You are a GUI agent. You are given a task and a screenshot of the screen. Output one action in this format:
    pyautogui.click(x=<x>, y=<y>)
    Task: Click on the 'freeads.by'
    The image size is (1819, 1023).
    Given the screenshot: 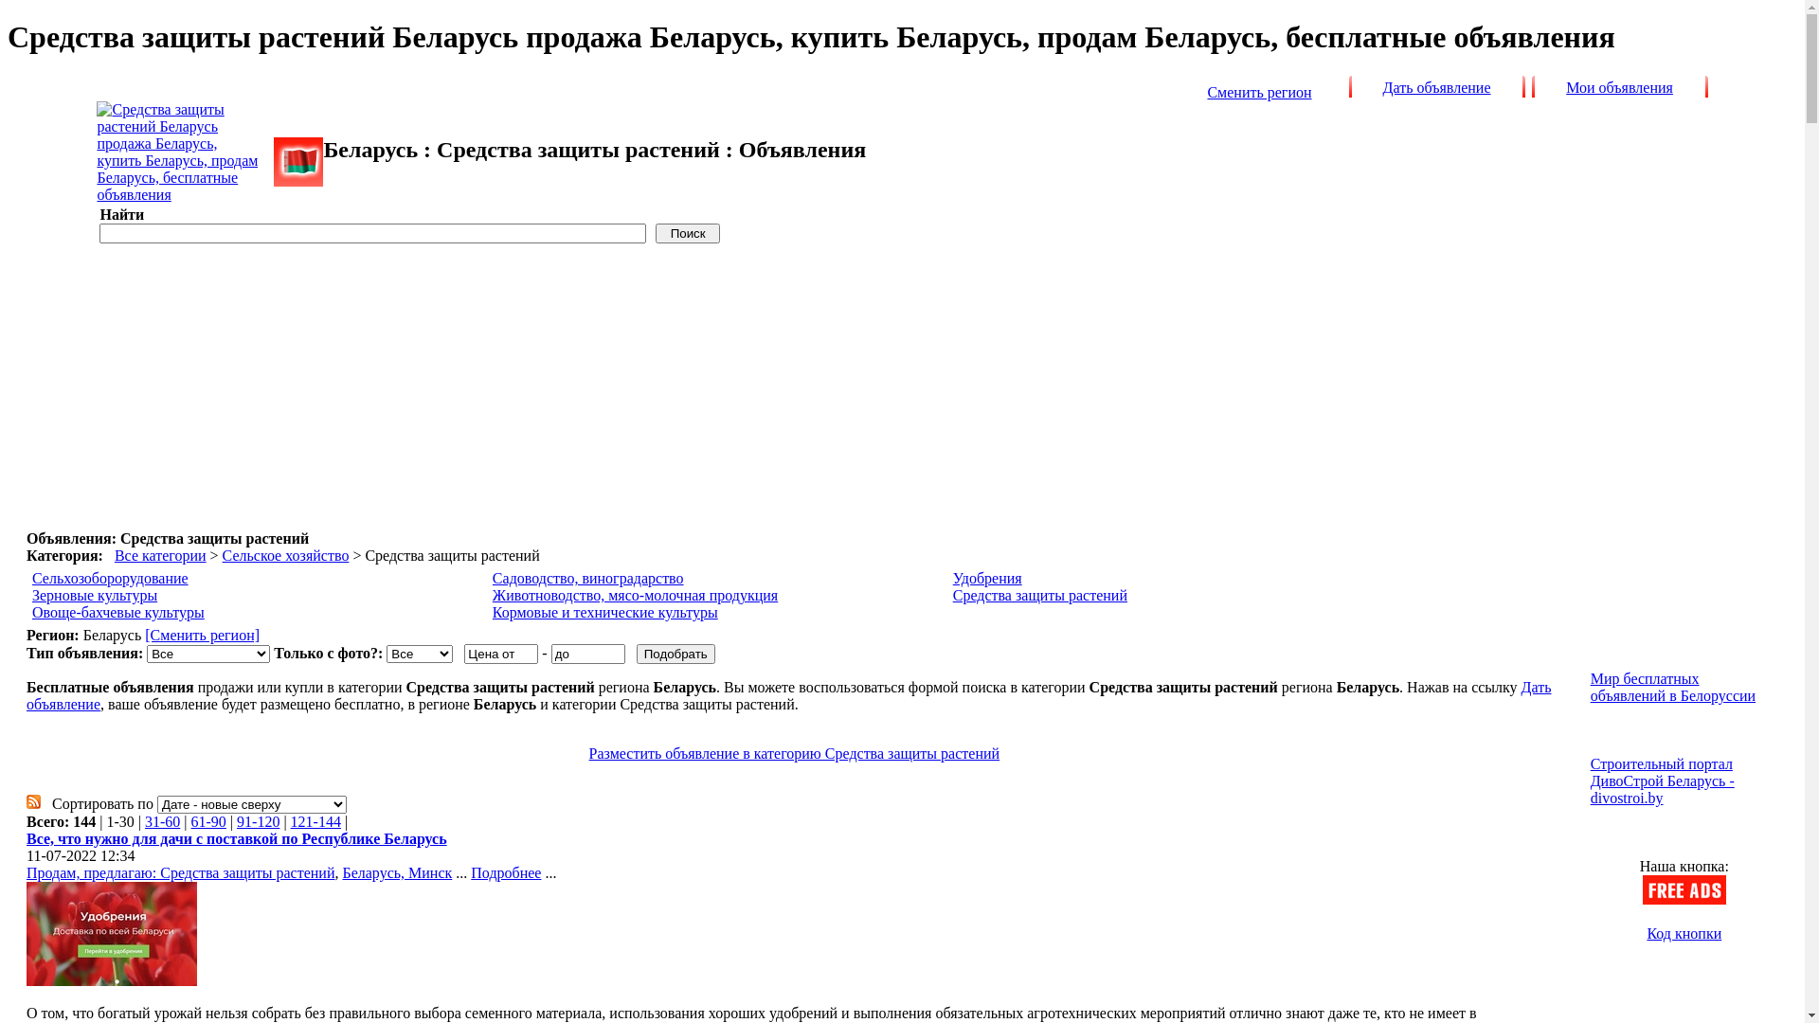 What is the action you would take?
    pyautogui.click(x=272, y=160)
    